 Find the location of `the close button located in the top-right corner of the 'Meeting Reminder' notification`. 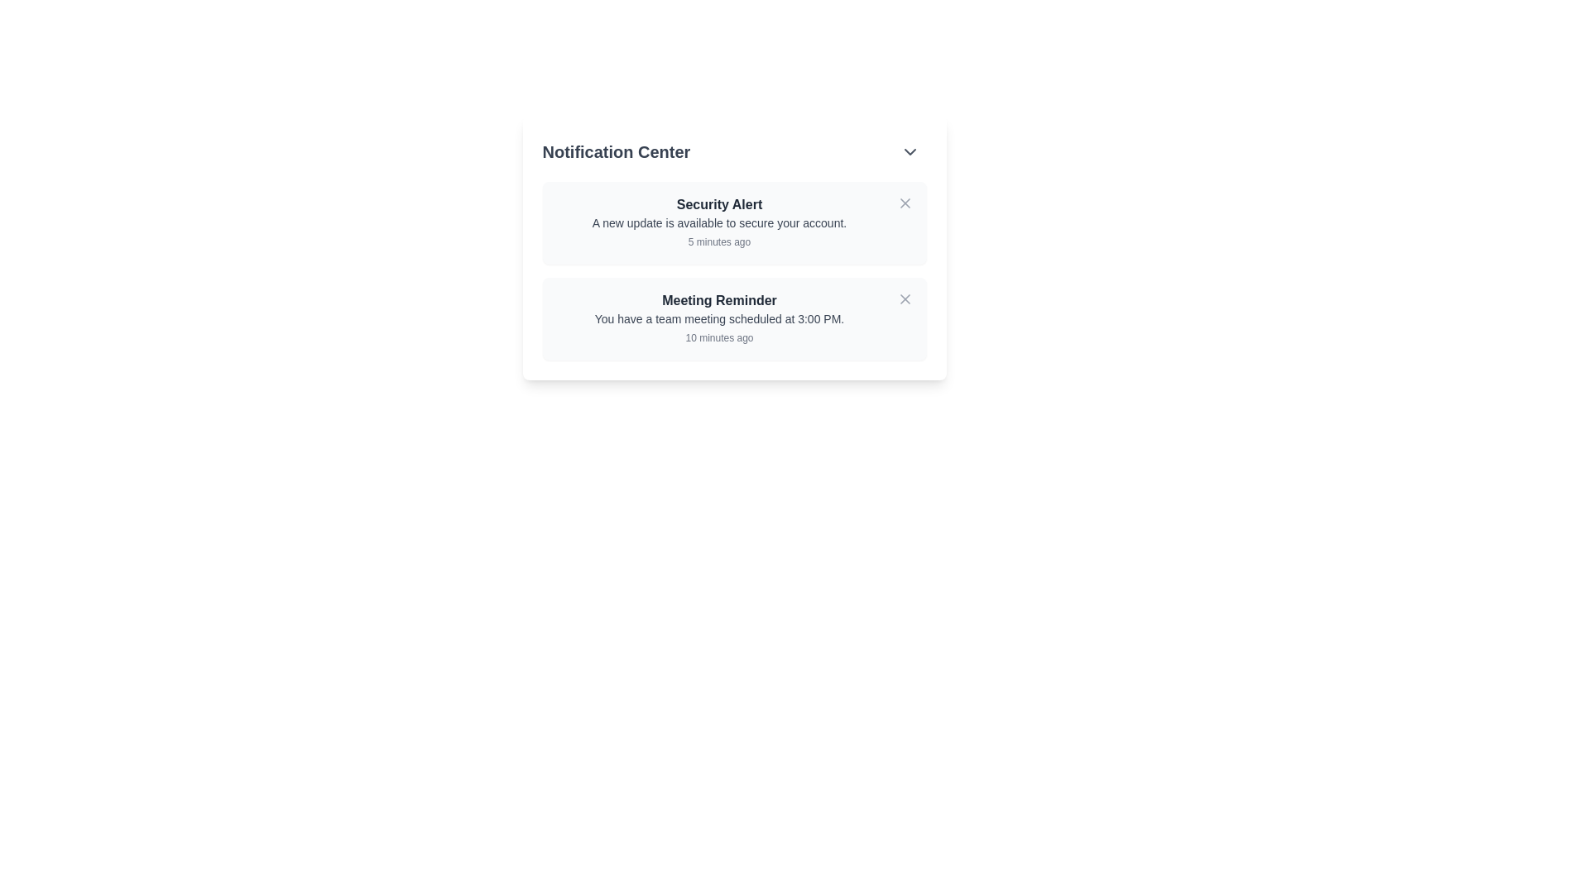

the close button located in the top-right corner of the 'Meeting Reminder' notification is located at coordinates (904, 299).